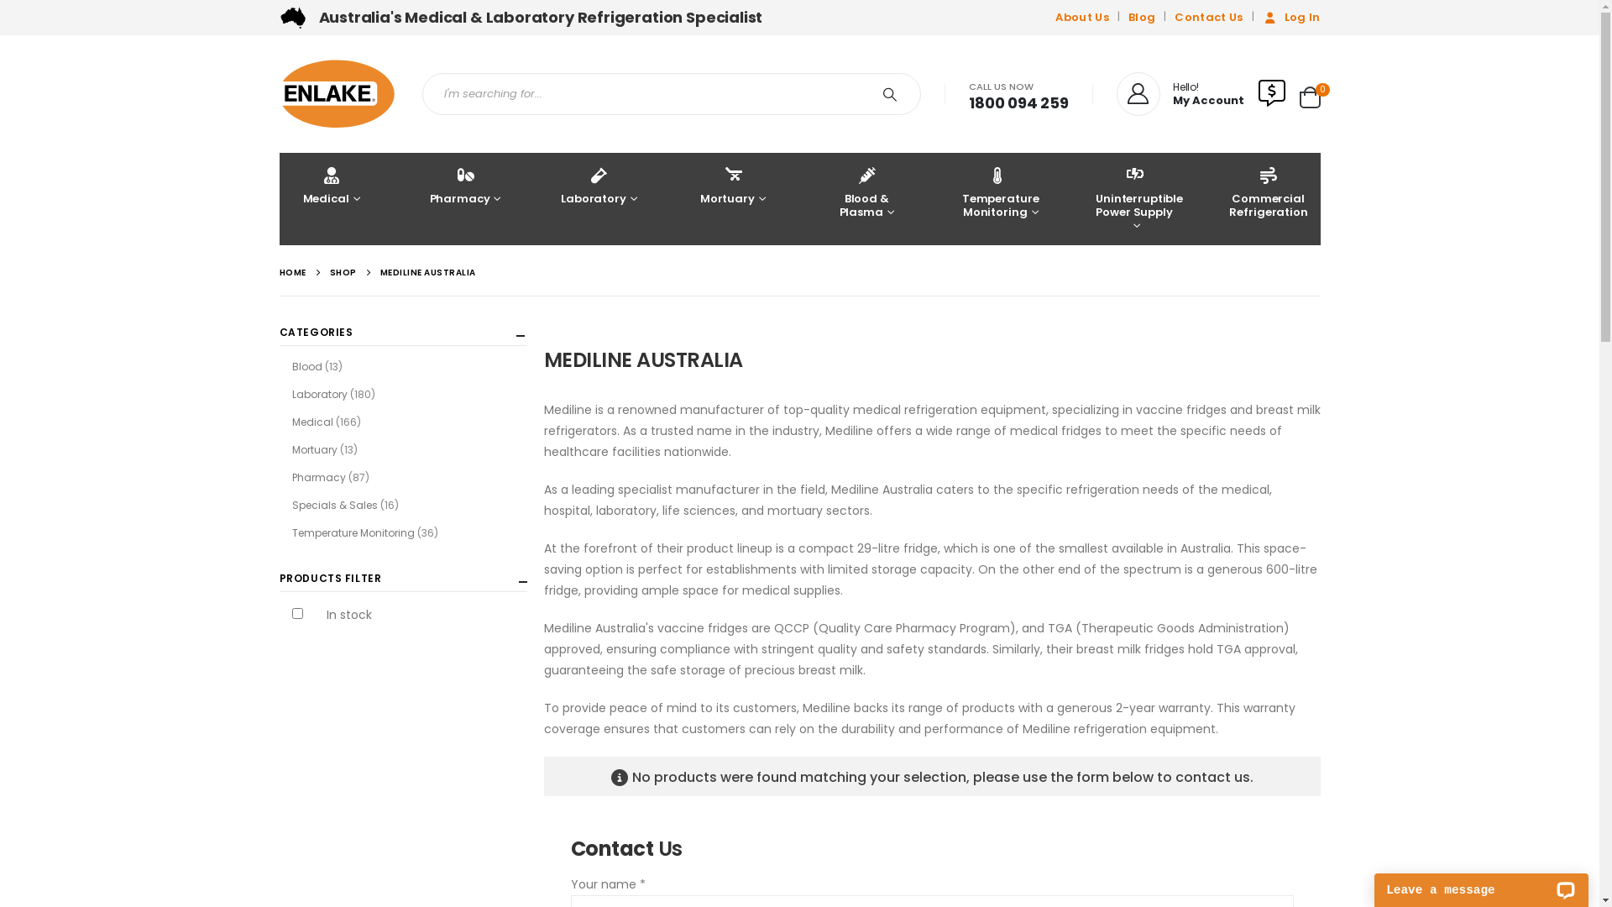  Describe the element at coordinates (1018, 102) in the screenshot. I see `'1800 094 259'` at that location.